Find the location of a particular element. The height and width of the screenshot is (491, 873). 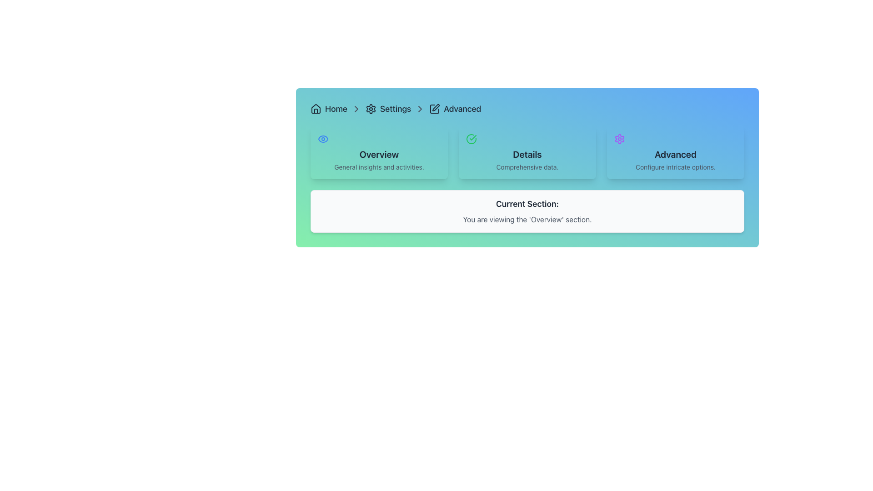

the static text label that provides additional detail for the 'Details' section, located directly below the bold text 'Details' within the middle card of a three-card layout is located at coordinates (527, 167).